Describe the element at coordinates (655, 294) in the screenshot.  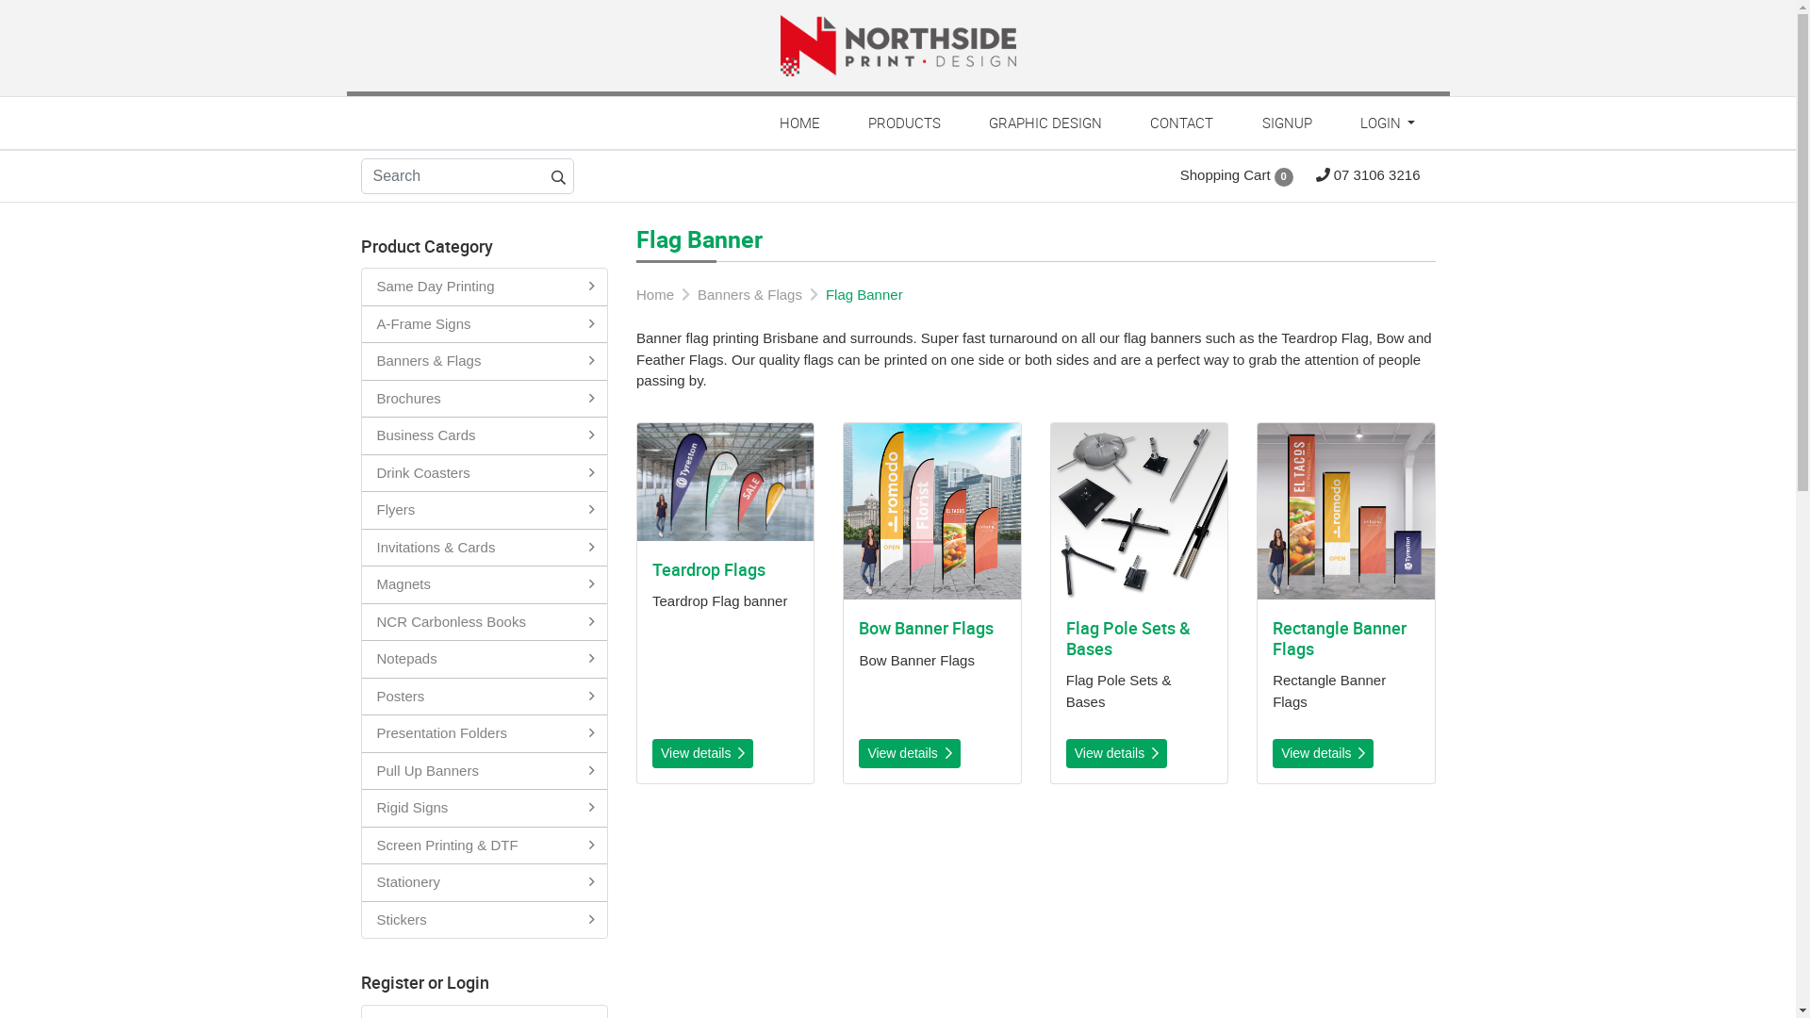
I see `'Home'` at that location.